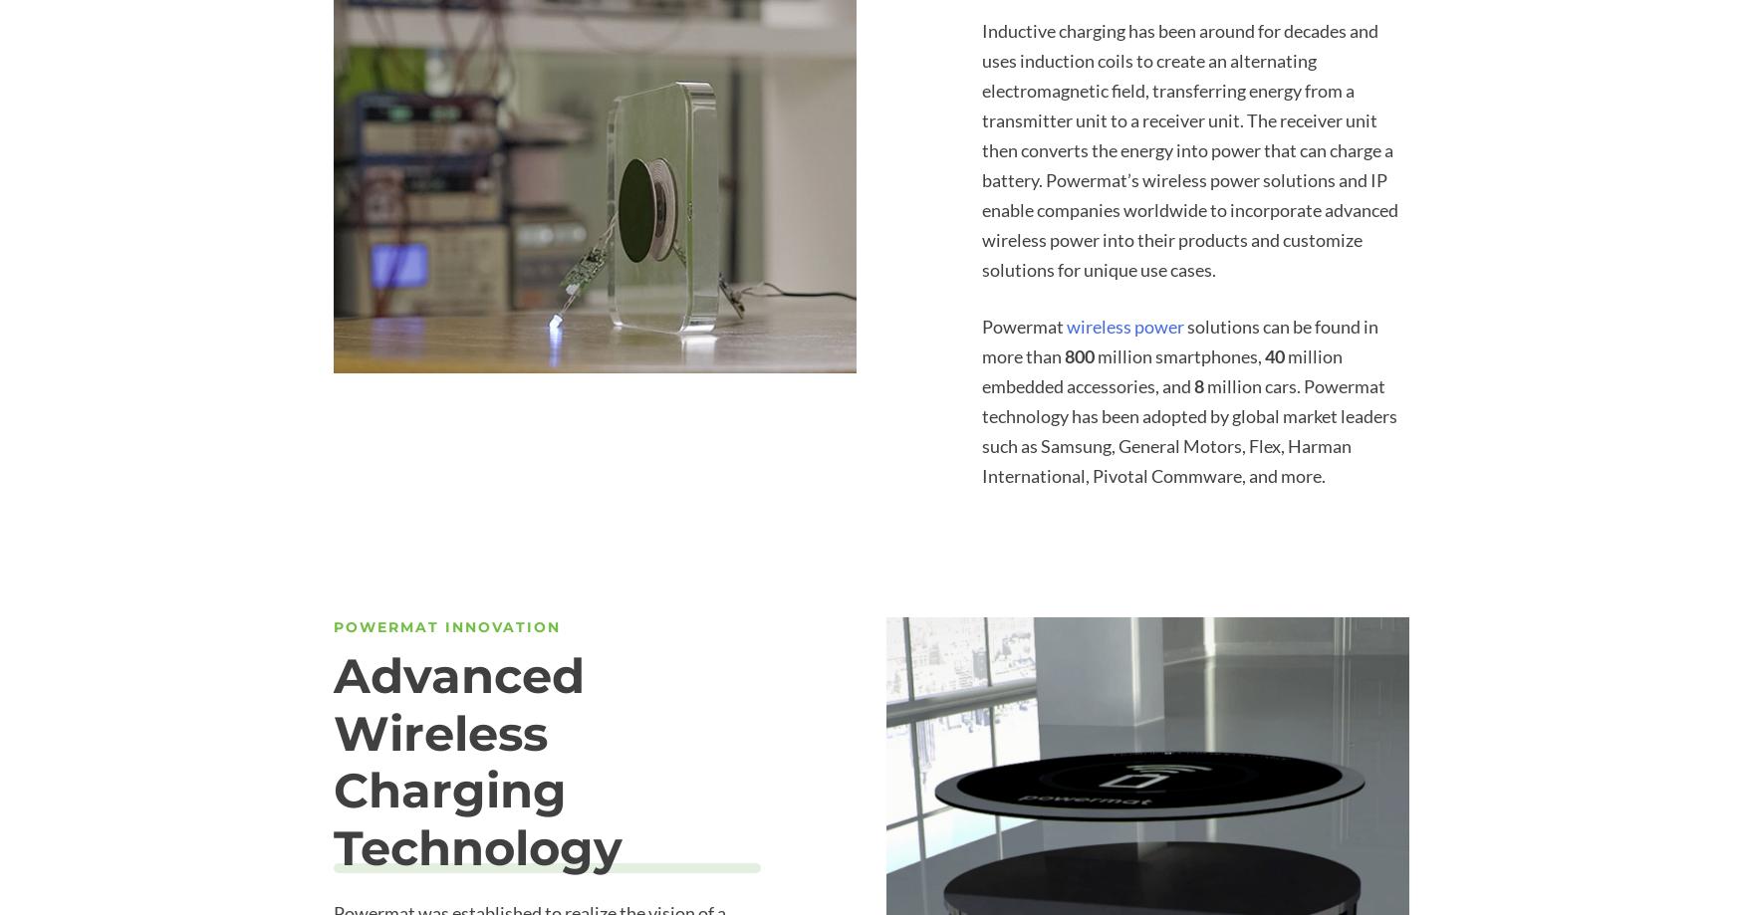  What do you see at coordinates (1178, 340) in the screenshot?
I see `'solutions can be found in more than'` at bounding box center [1178, 340].